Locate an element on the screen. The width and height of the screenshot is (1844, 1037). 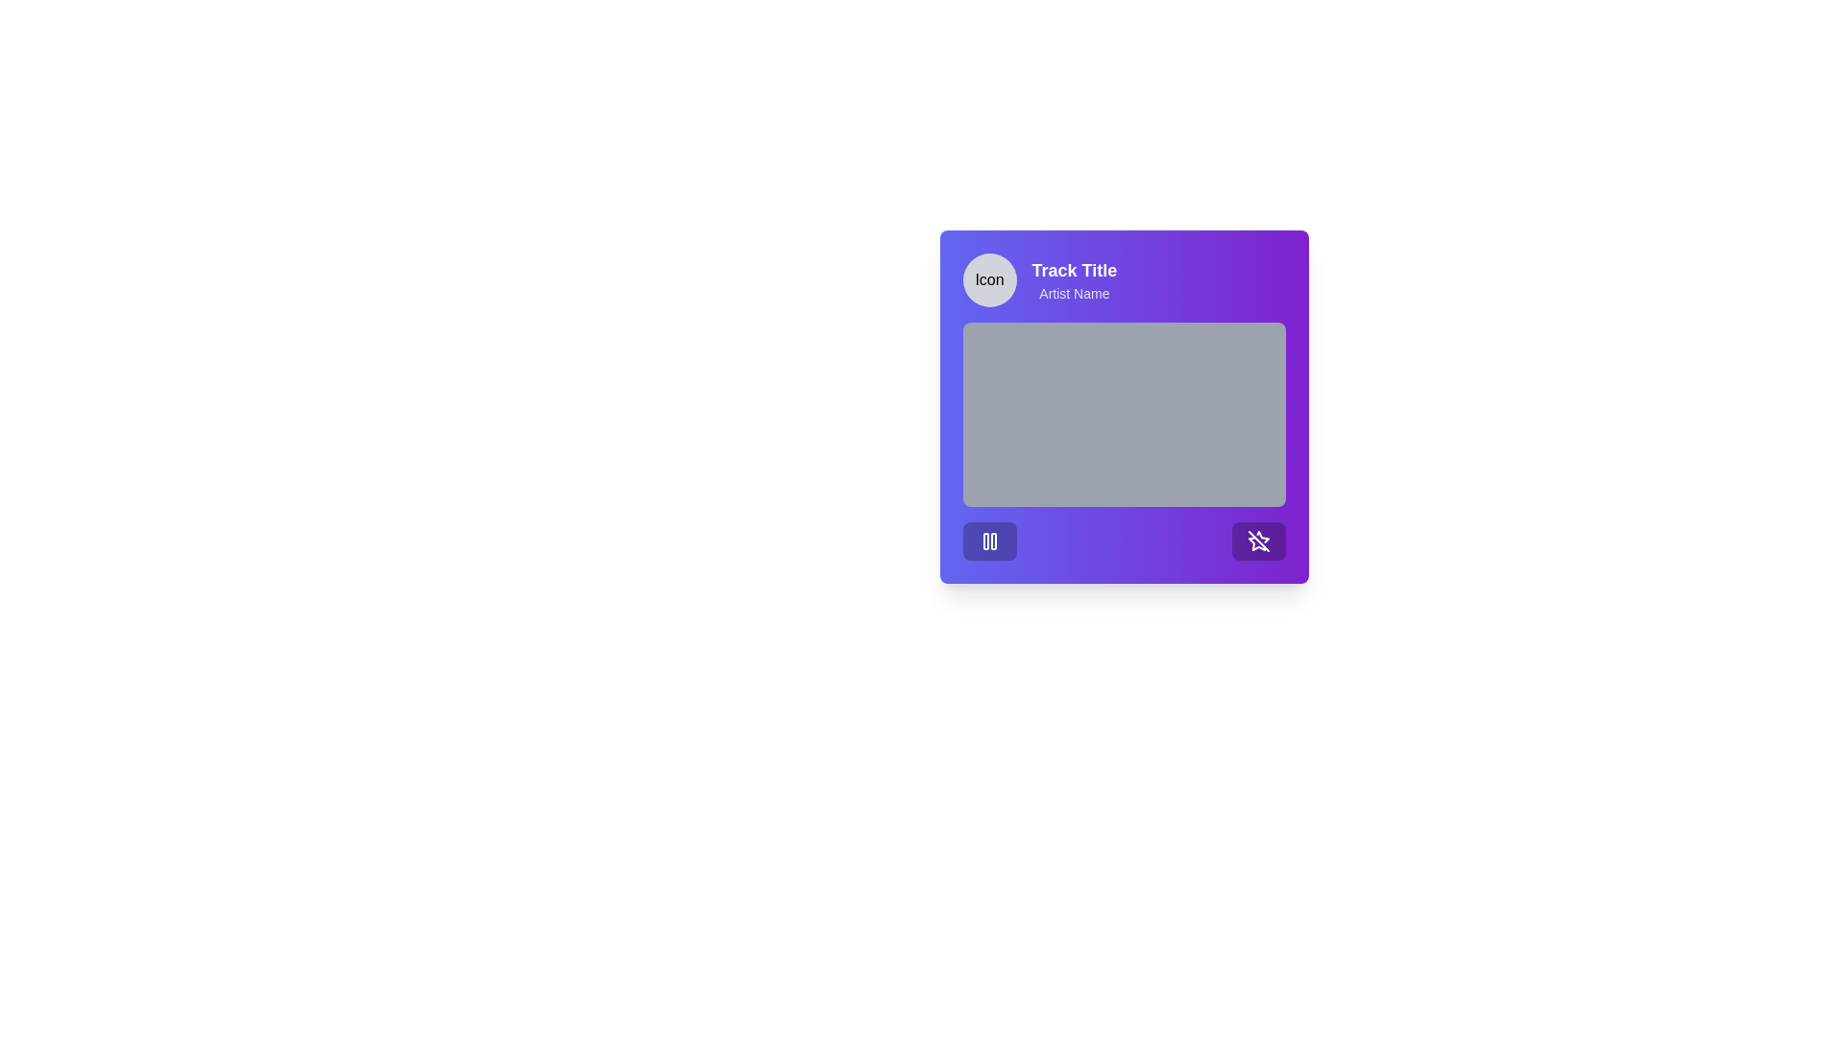
the Text block that displays 'Track Title' in bold and larger font, and 'Artist Name' in smaller gray font, located to the right of the 'Icon' in the top-left corner of the card component is located at coordinates (1073, 280).